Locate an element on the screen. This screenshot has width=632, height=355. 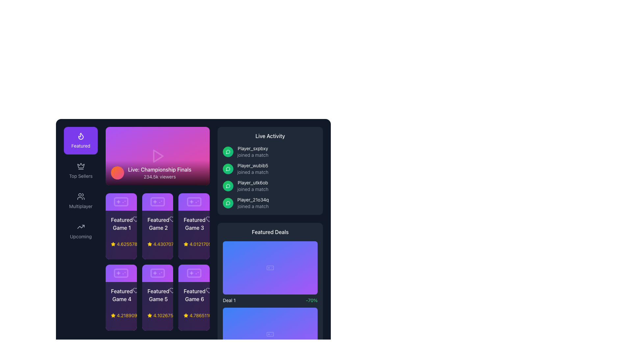
the Info card representing a featured game is located at coordinates (121, 306).